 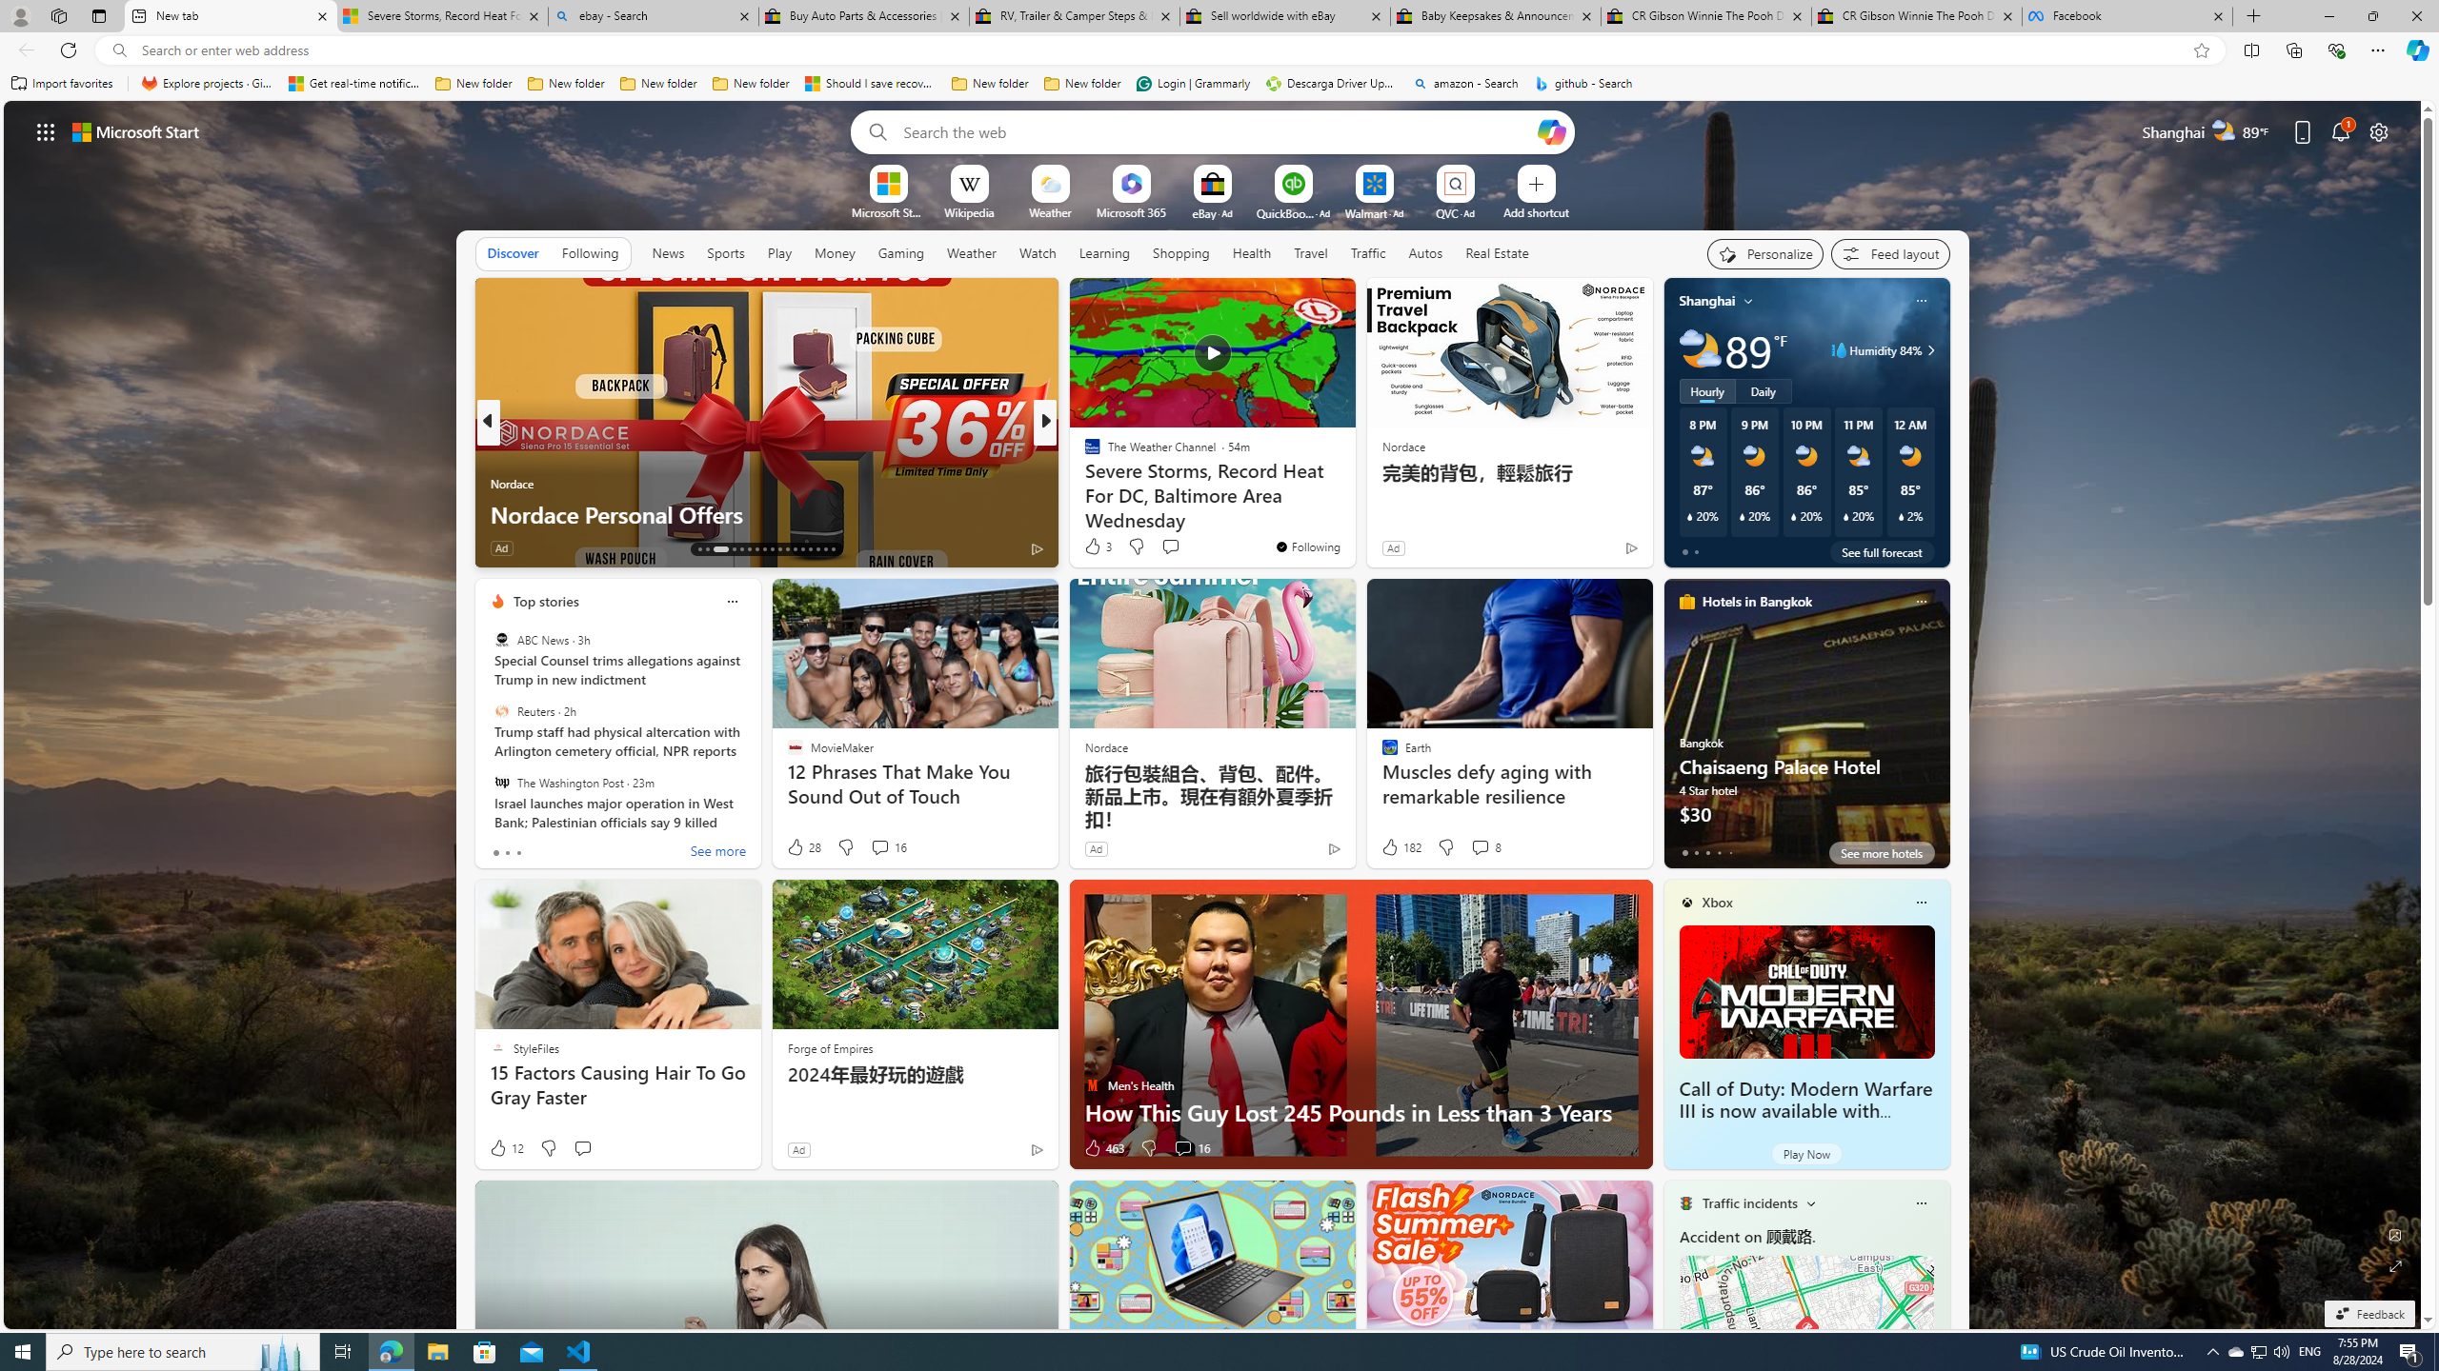 I want to click on 'Import favorites', so click(x=62, y=83).